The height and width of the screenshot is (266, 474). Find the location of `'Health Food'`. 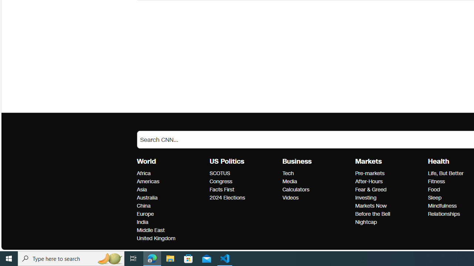

'Health Food' is located at coordinates (434, 189).